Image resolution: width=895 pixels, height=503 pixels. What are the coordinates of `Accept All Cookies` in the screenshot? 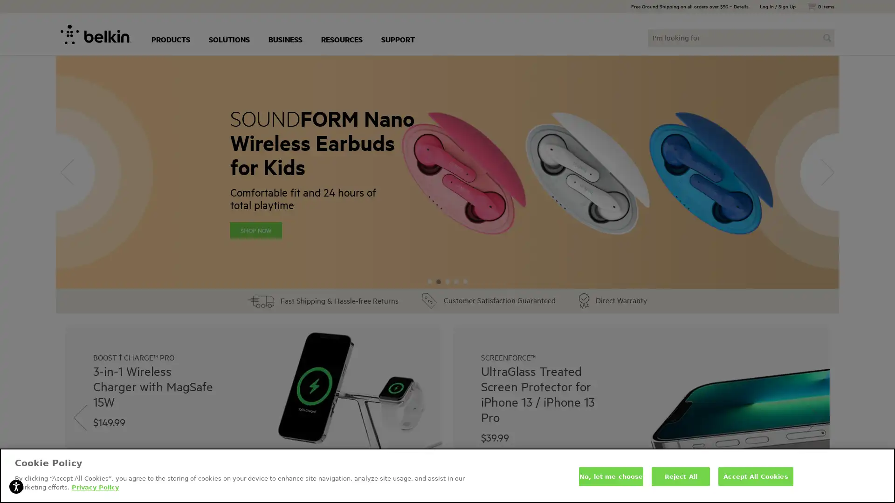 It's located at (756, 476).